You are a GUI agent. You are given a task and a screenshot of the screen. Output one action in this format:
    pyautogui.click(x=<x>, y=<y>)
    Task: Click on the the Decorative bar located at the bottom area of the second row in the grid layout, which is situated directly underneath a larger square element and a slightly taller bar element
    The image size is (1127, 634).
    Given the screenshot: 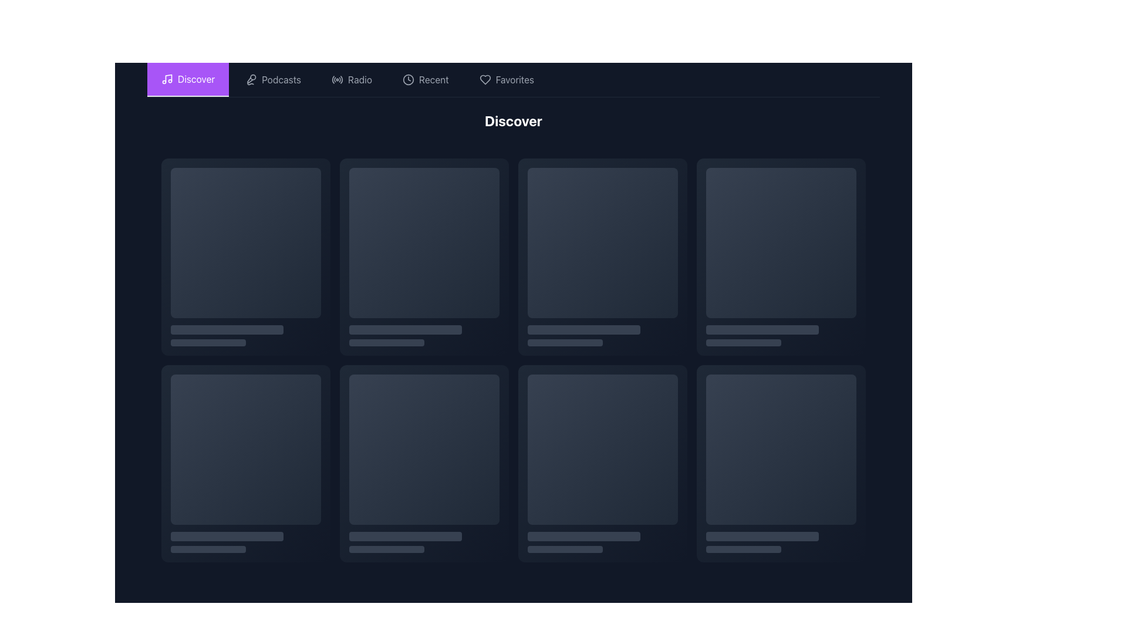 What is the action you would take?
    pyautogui.click(x=386, y=549)
    